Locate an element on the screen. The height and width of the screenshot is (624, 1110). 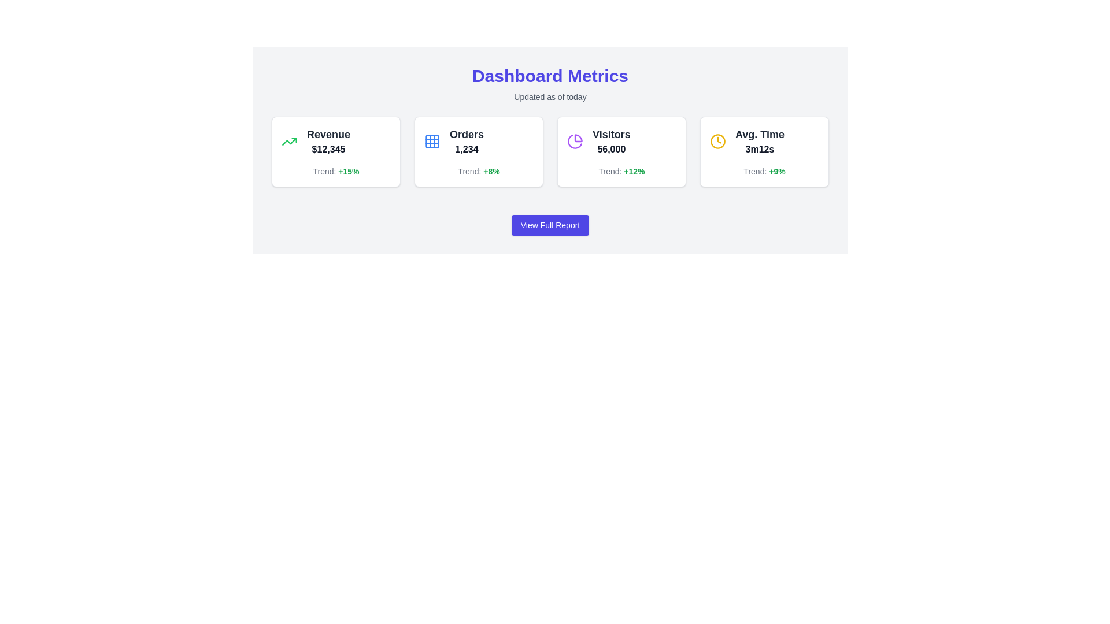
the static text element displaying 'Orders' in bold, large dark gray font, positioned centrally at the top of its card is located at coordinates (467, 133).